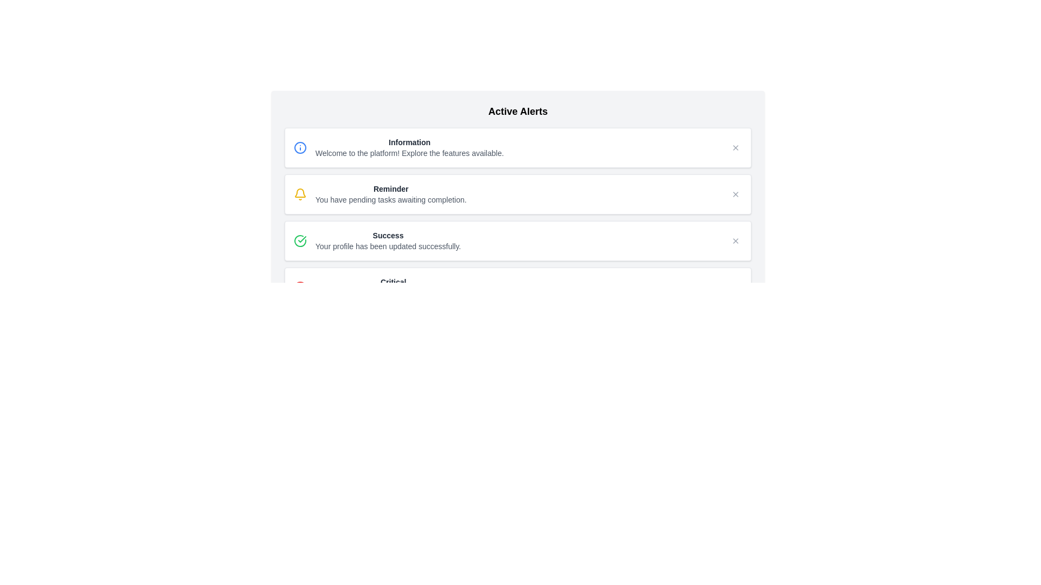 The height and width of the screenshot is (585, 1041). Describe the element at coordinates (736, 193) in the screenshot. I see `the 'X' icon button located at the right-hand edge of the 'Reminder' alert` at that location.